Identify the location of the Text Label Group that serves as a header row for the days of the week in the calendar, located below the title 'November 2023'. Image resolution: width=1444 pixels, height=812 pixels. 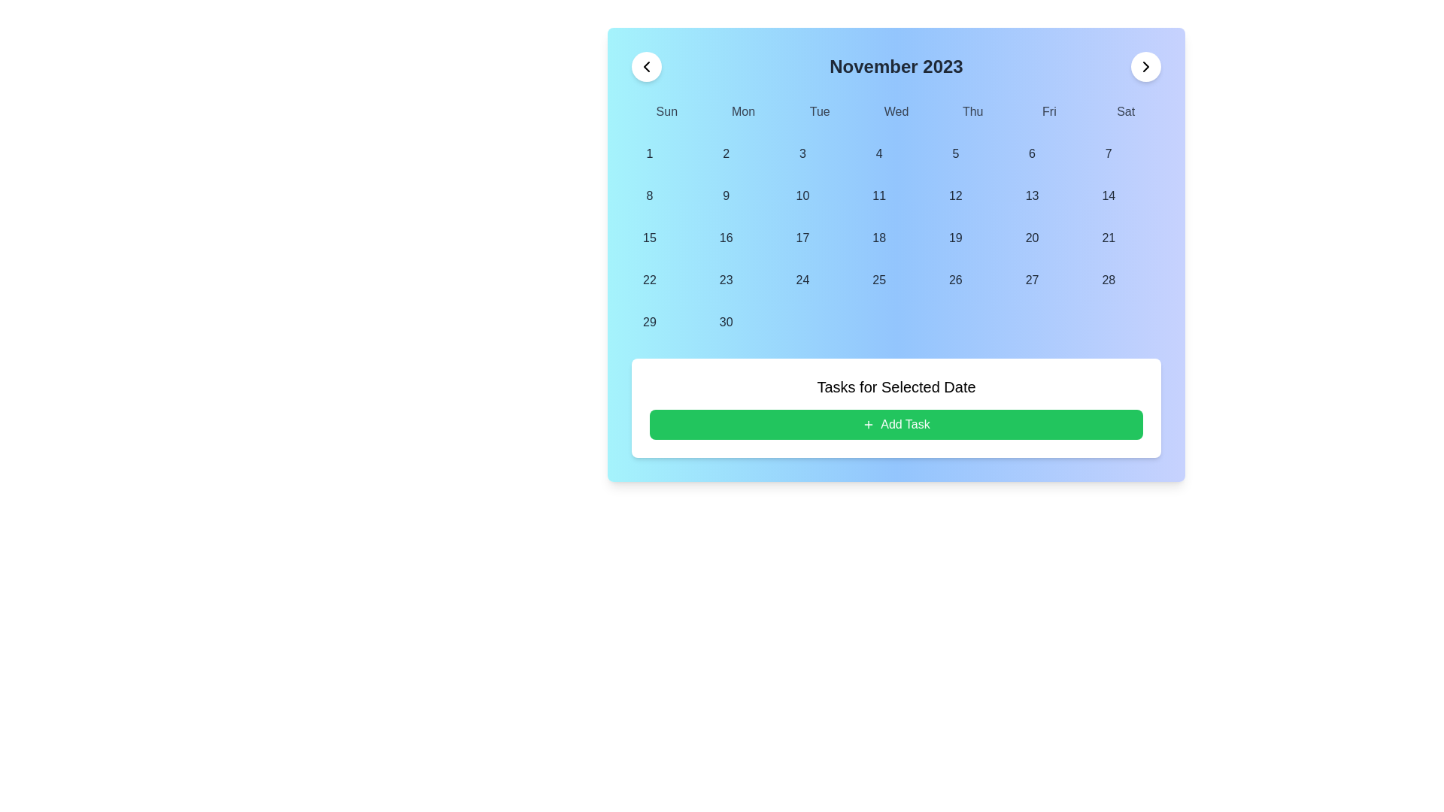
(896, 111).